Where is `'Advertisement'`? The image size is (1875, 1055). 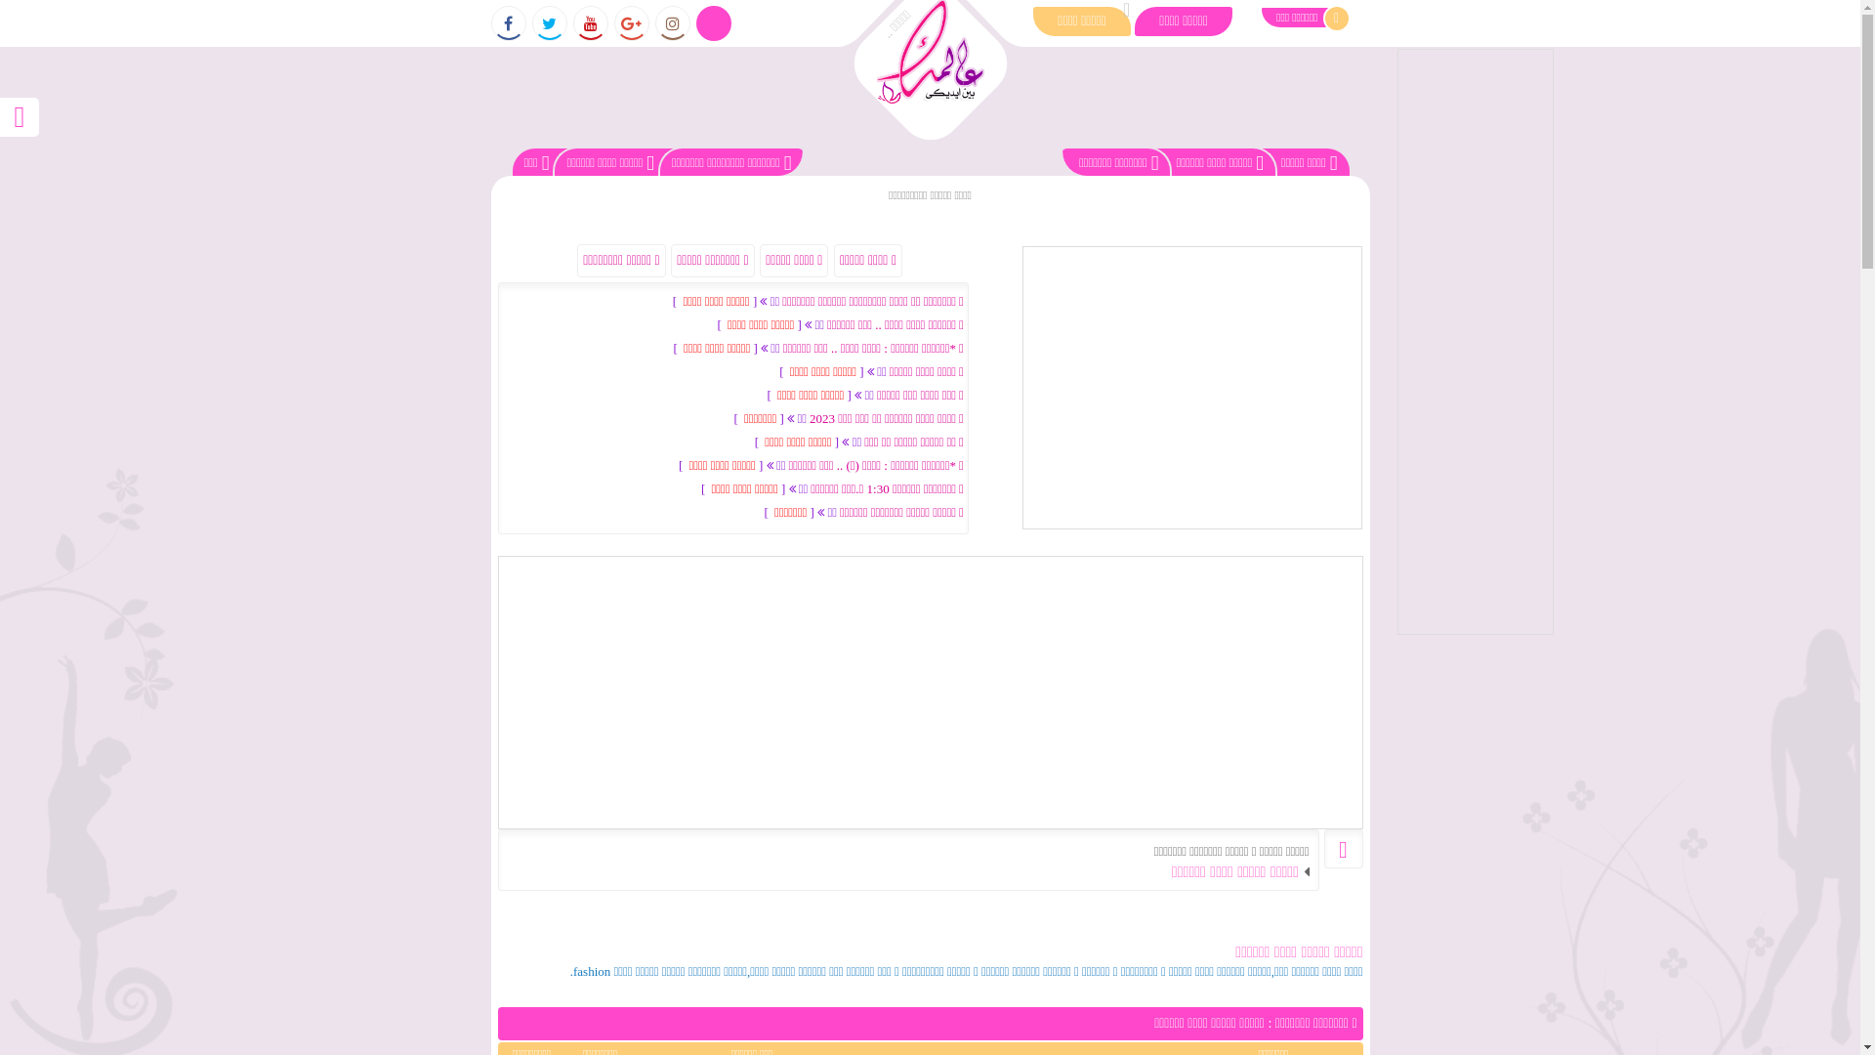 'Advertisement' is located at coordinates (1189, 388).